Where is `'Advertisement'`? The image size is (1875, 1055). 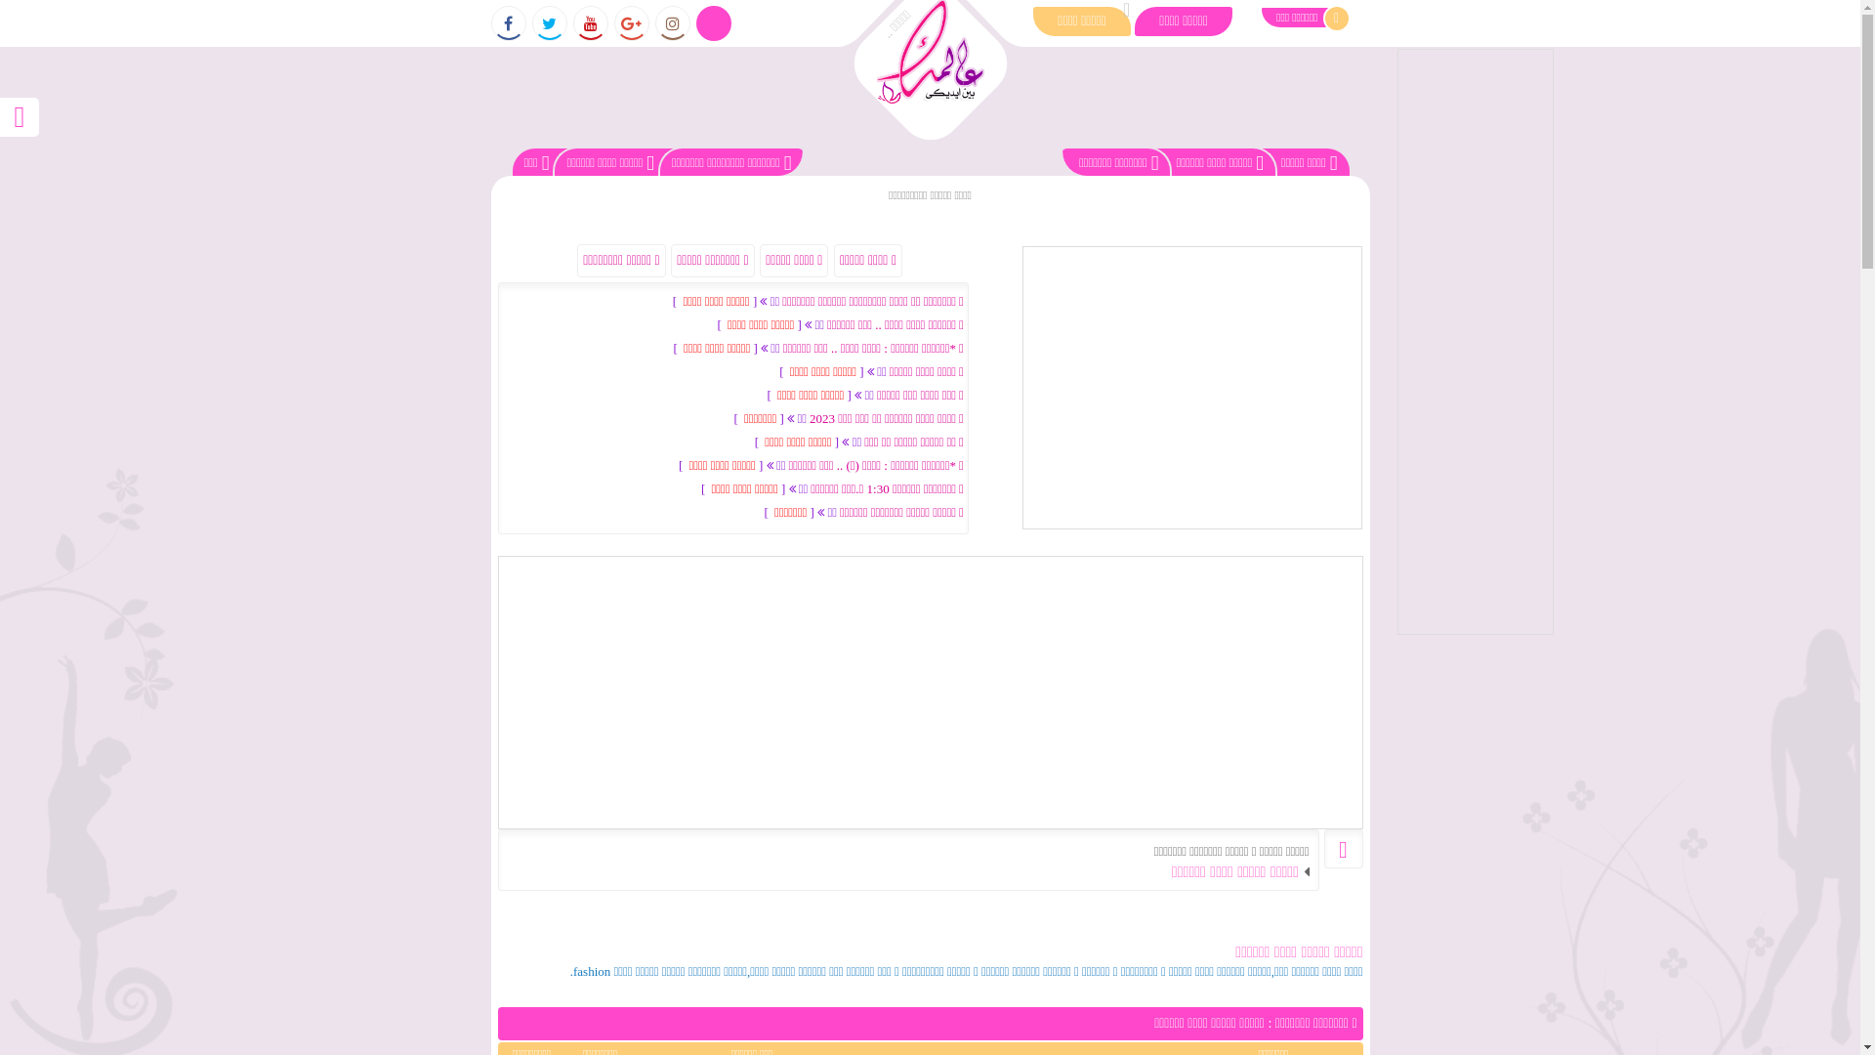 'Advertisement' is located at coordinates (1189, 388).